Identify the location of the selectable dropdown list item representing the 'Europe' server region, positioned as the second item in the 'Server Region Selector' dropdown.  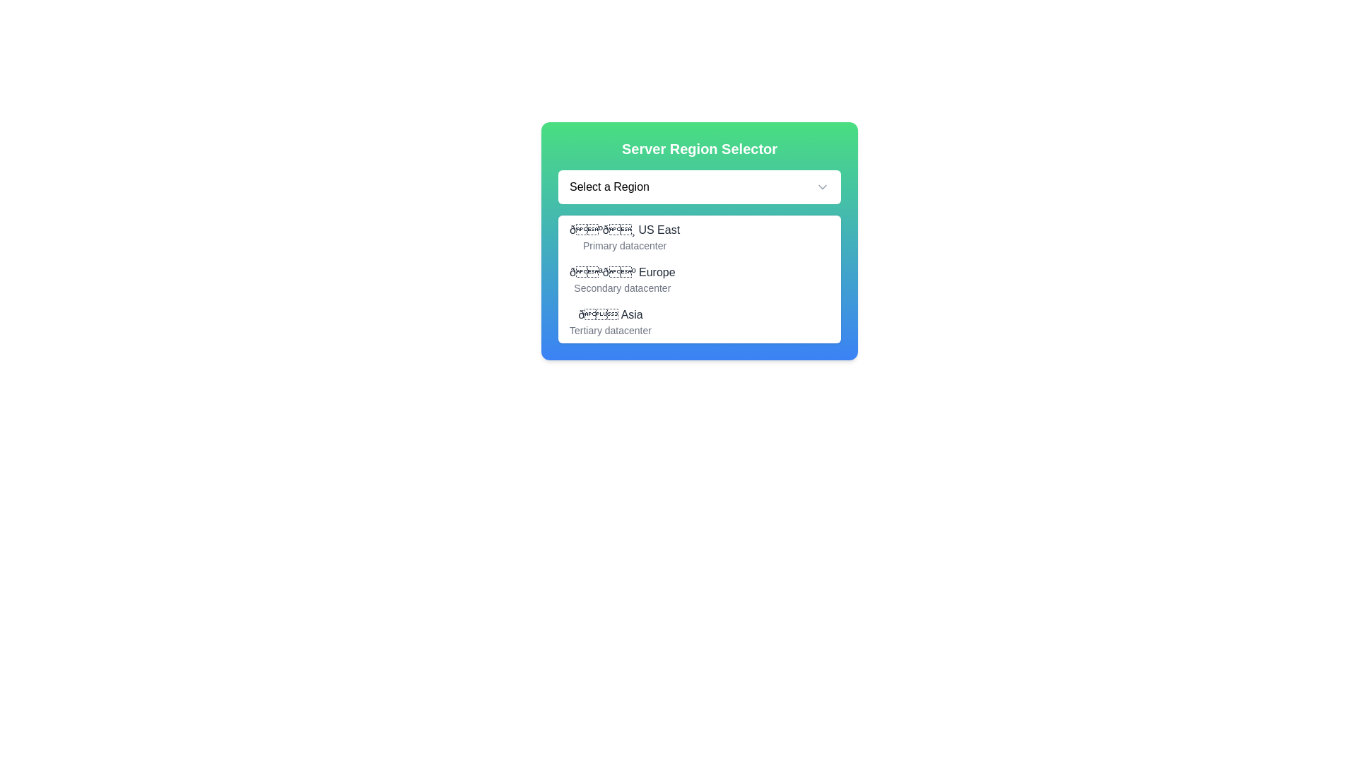
(622, 280).